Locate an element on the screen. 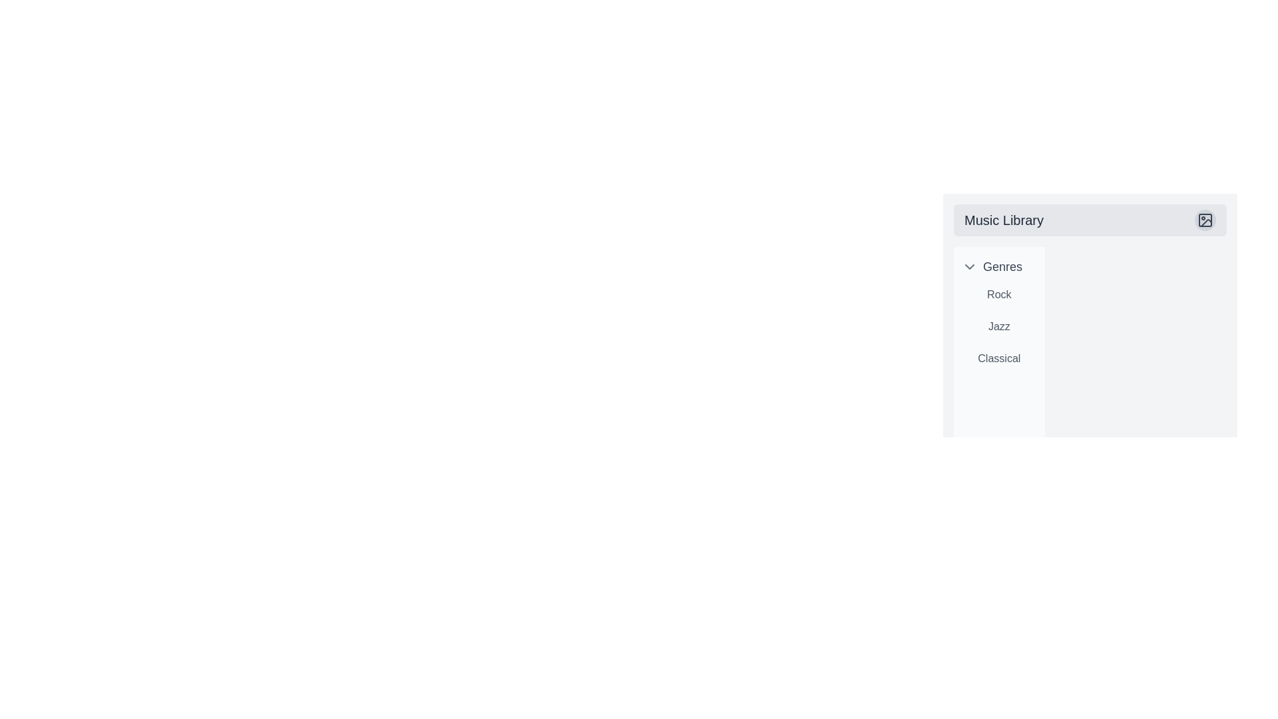  the interactive button used to manage image-related content in the 'Music Library' interface for accessibility is located at coordinates (1205, 220).